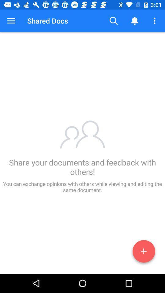 This screenshot has width=165, height=293. I want to click on document, so click(144, 252).